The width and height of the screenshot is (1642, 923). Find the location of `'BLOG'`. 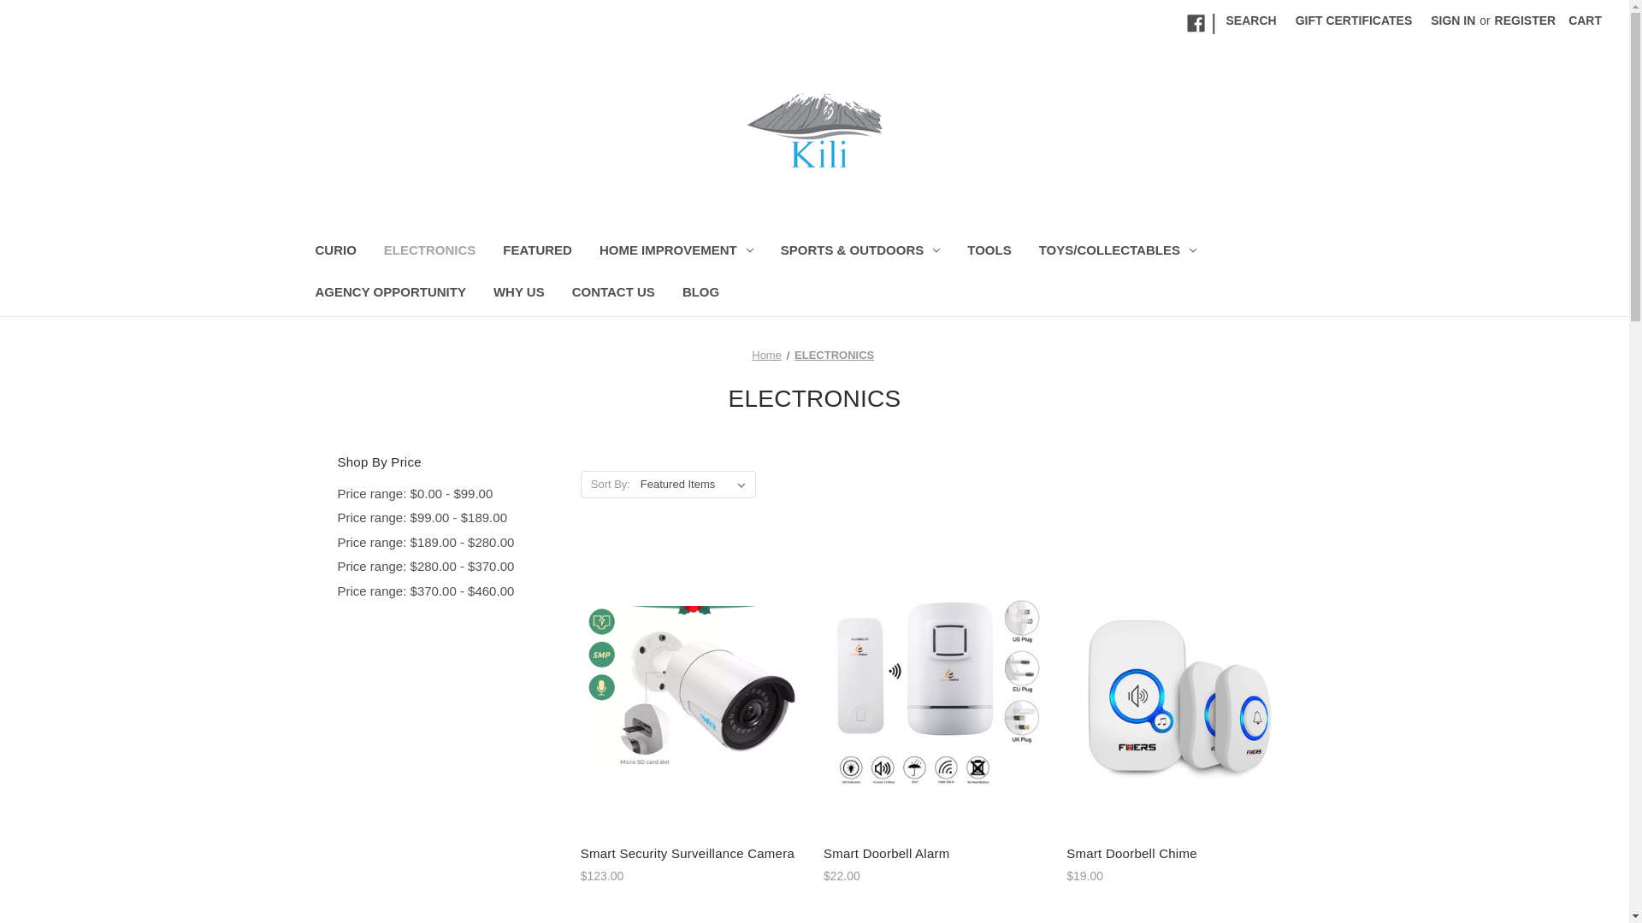

'BLOG' is located at coordinates (700, 293).